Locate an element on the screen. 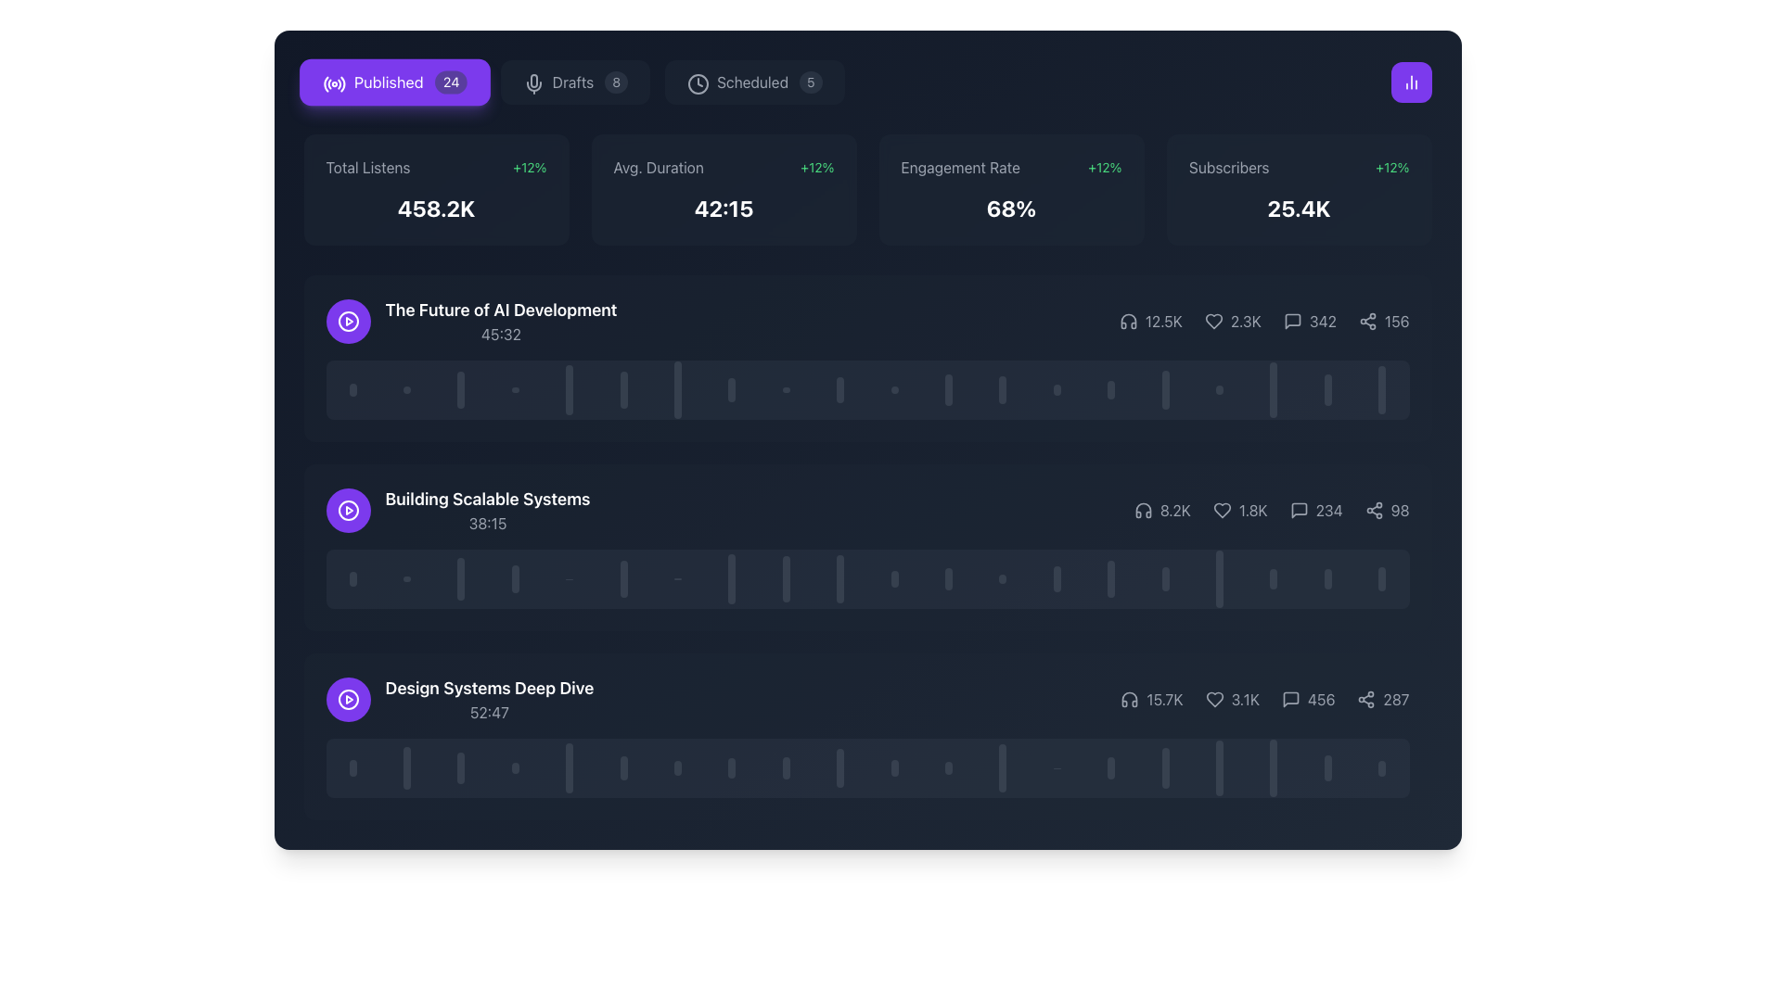  the text label displaying the number of comments for 'The Future of AI Development', which shows '156' and is positioned at the center-right side of the first section is located at coordinates (1322, 321).